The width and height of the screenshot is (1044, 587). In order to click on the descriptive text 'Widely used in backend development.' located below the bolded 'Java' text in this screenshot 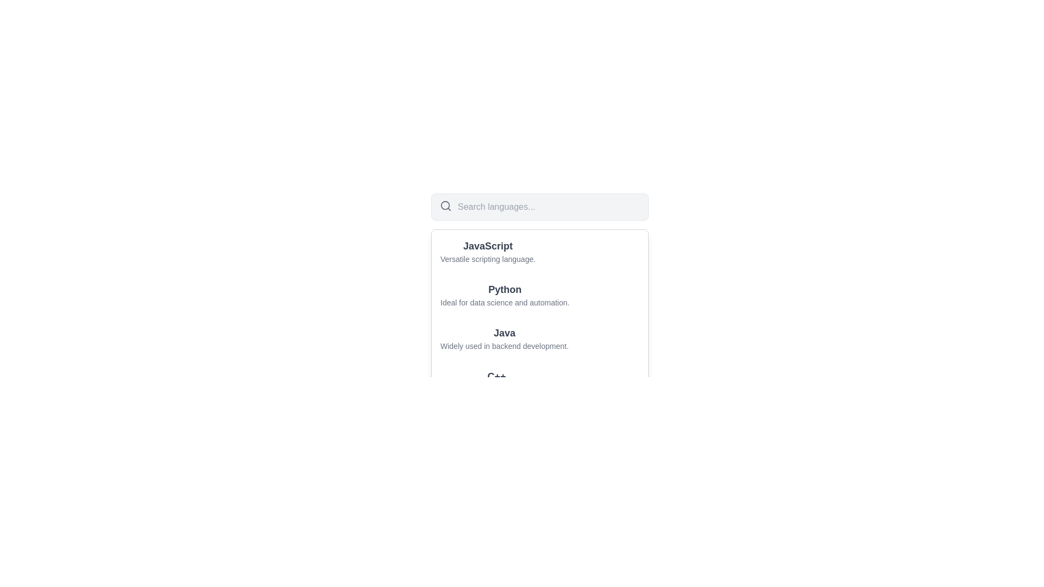, I will do `click(504, 346)`.